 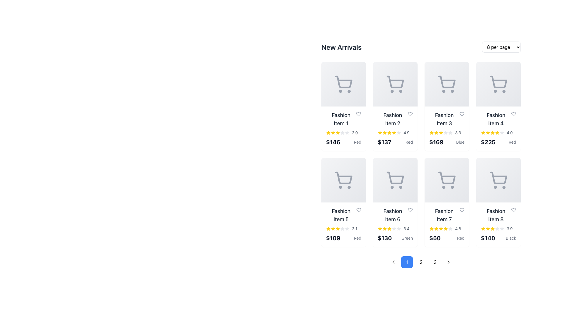 I want to click on rating display component for 'Fashion Item 1', which features partially filled yellow stars and a numeric rating of '3.9', to determine the visual split between filled and unfilled stars, so click(x=343, y=128).